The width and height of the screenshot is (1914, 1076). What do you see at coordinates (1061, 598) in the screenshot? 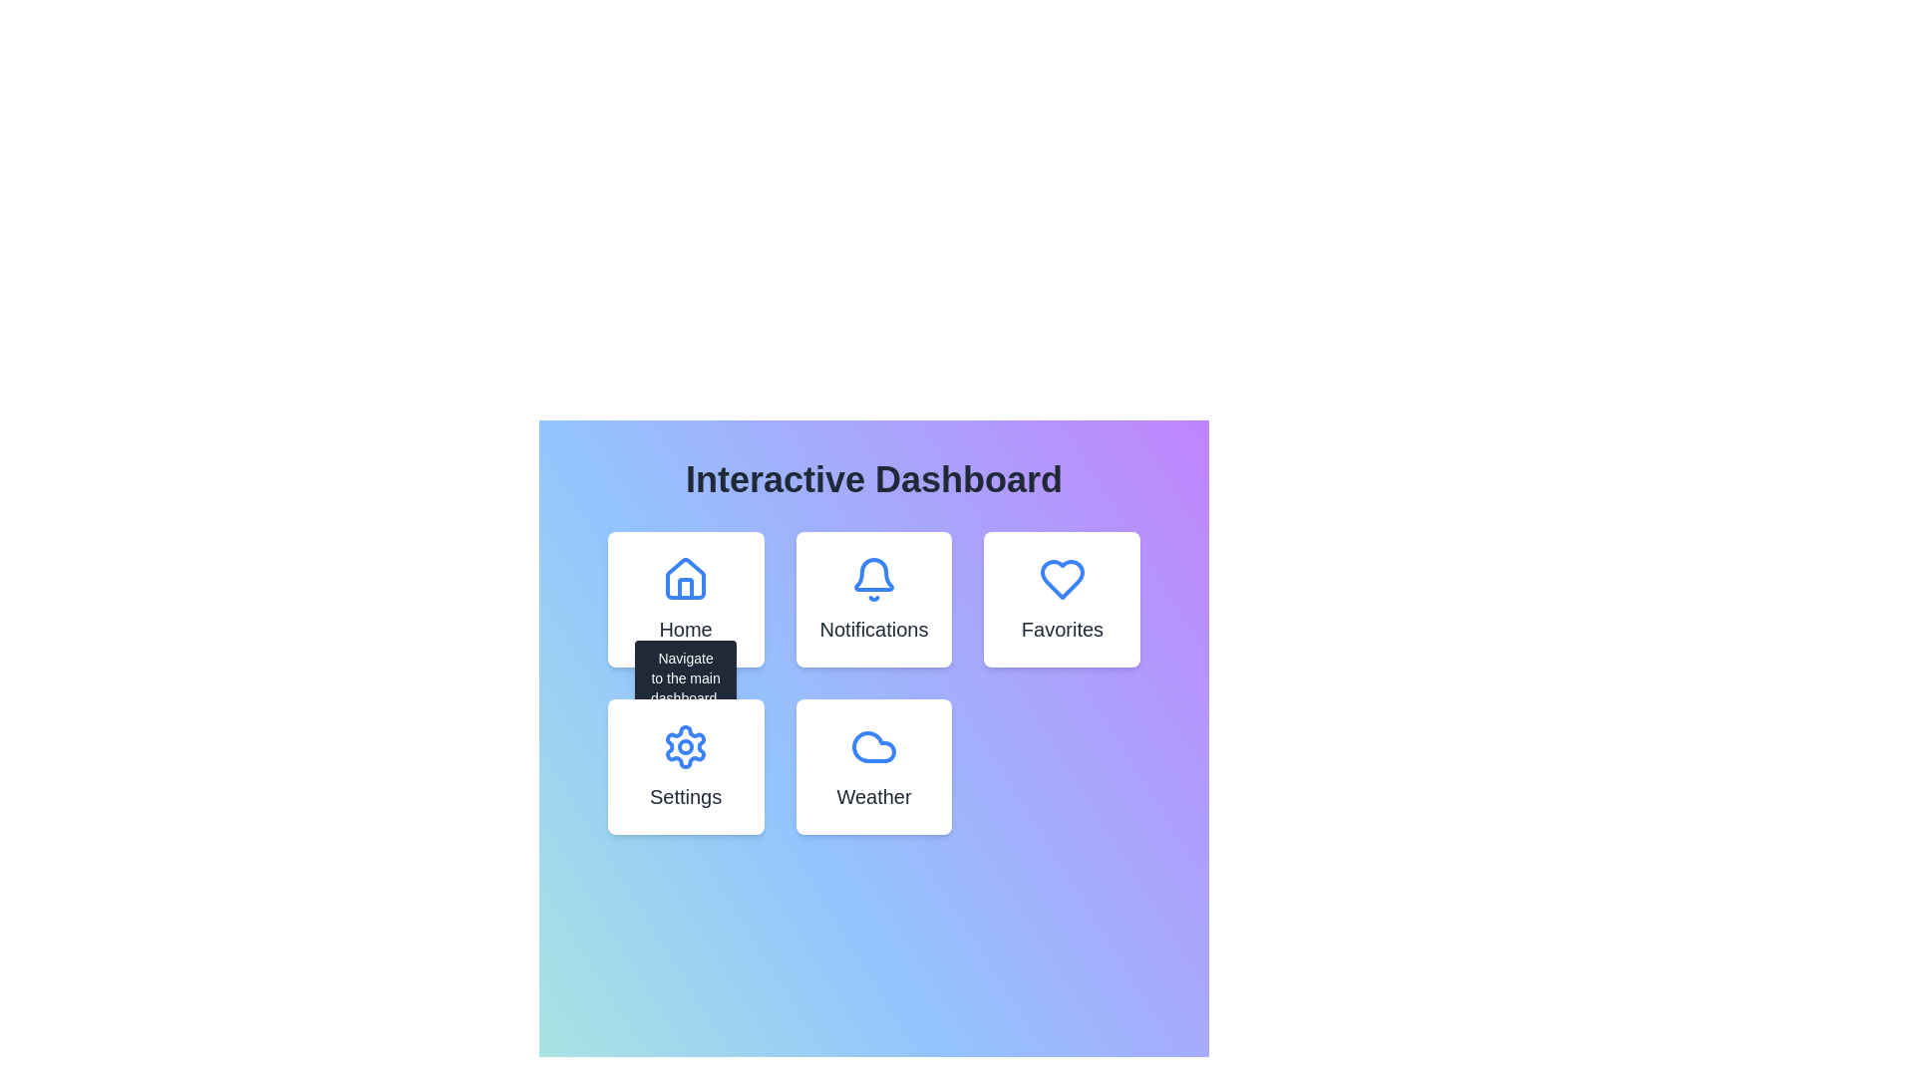
I see `the 'Favorites' Button card which features a heart icon with a blue outline and is positioned in the top-right corner of the grid` at bounding box center [1061, 598].